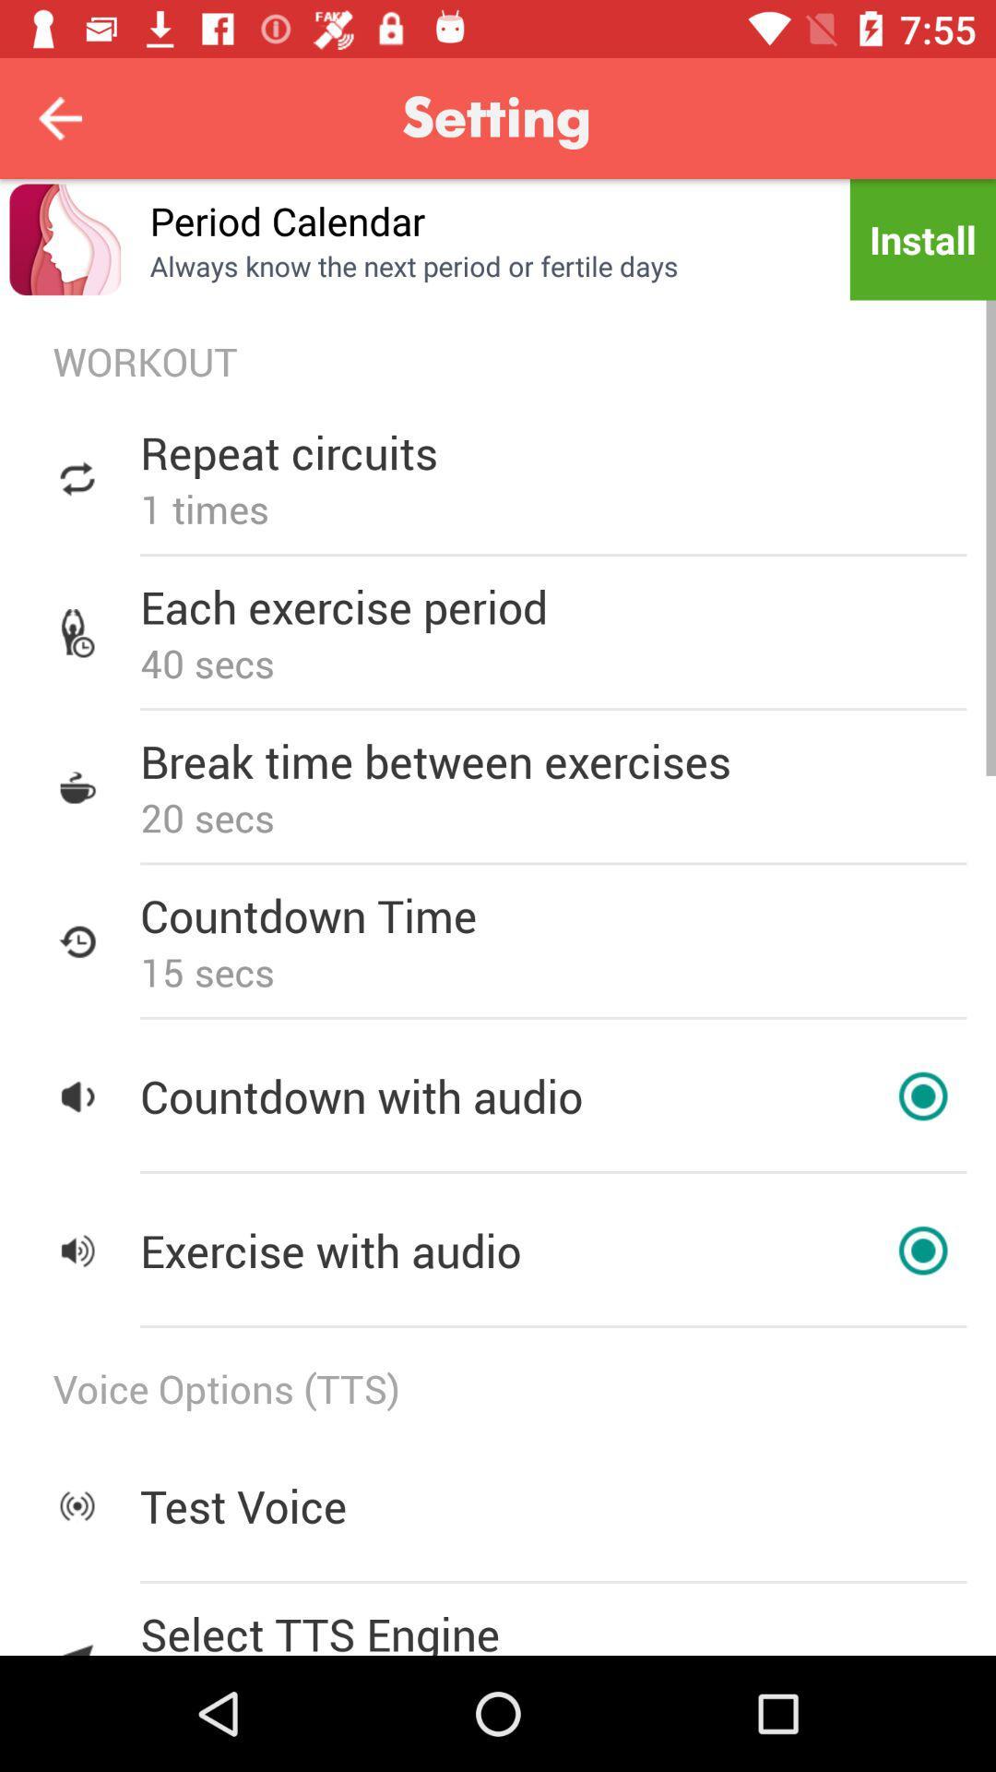  Describe the element at coordinates (59, 117) in the screenshot. I see `go back` at that location.